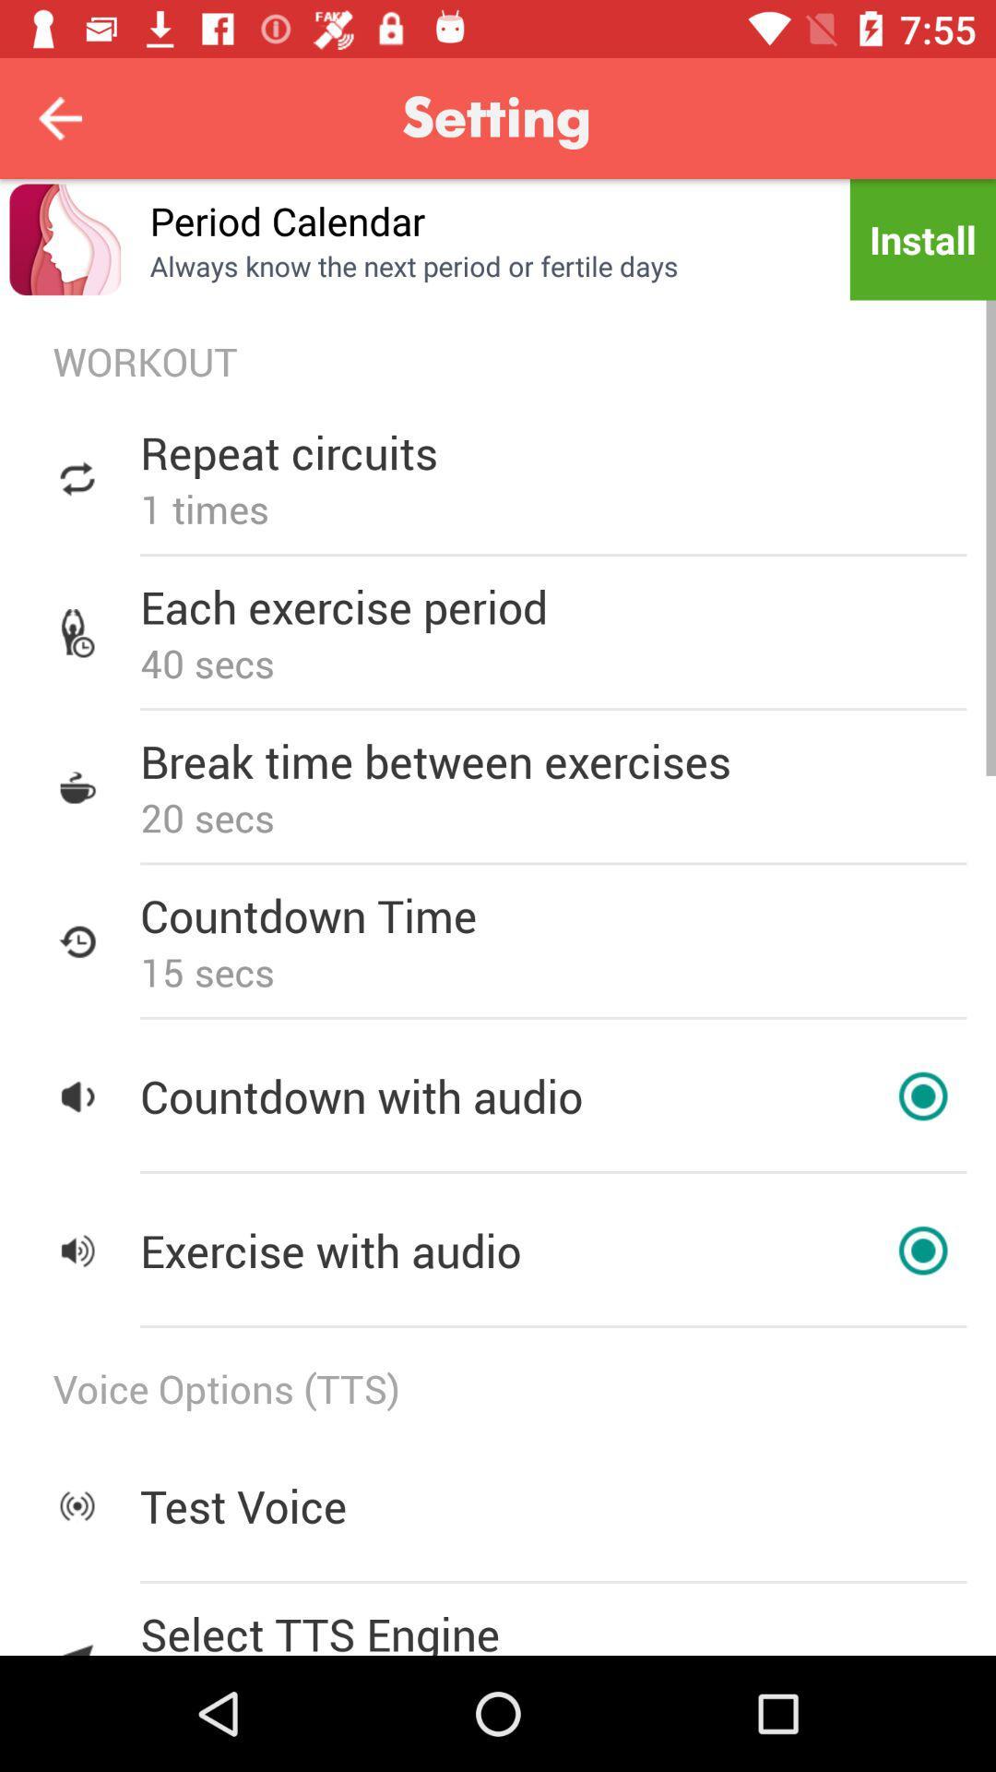  Describe the element at coordinates (59, 117) in the screenshot. I see `go back` at that location.